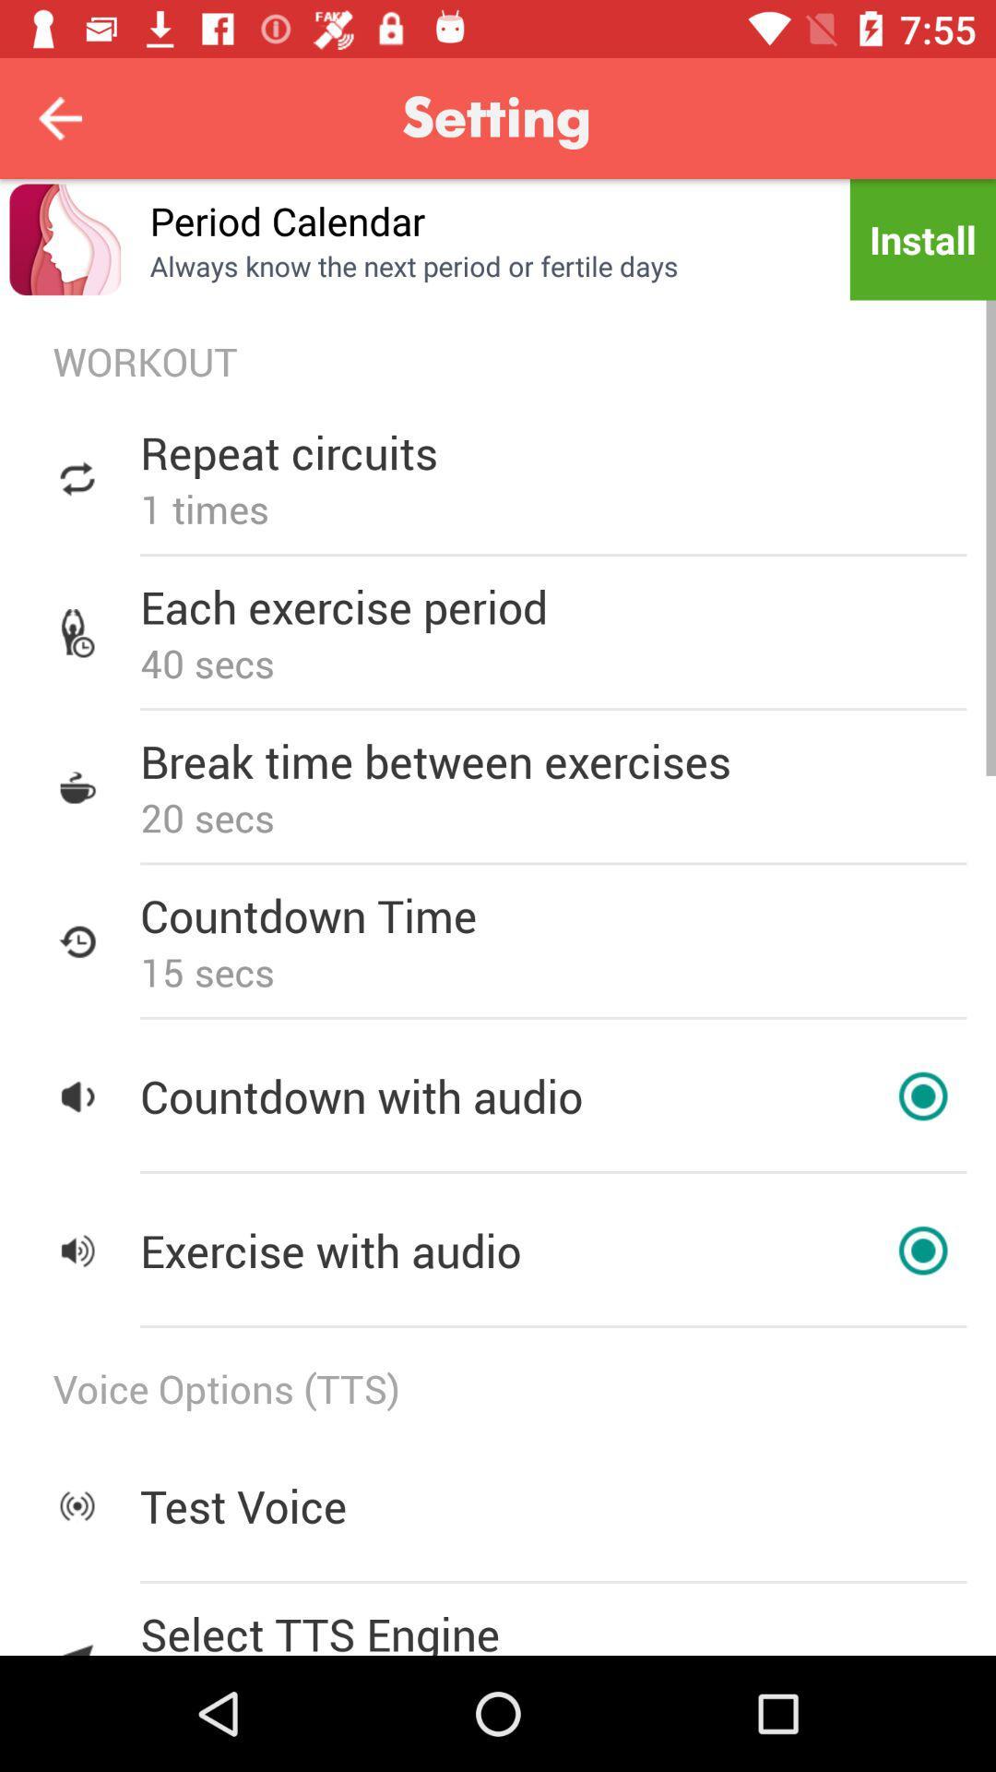  Describe the element at coordinates (59, 117) in the screenshot. I see `go back` at that location.